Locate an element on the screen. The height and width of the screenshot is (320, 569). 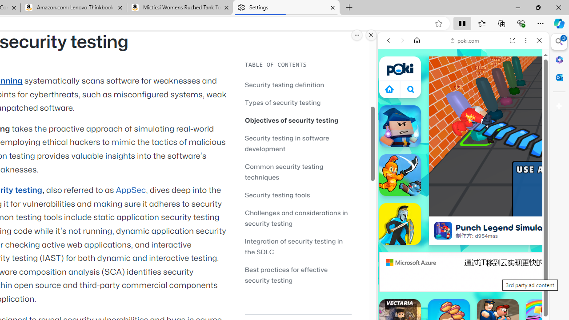
'Security testing definition' is located at coordinates (284, 84).